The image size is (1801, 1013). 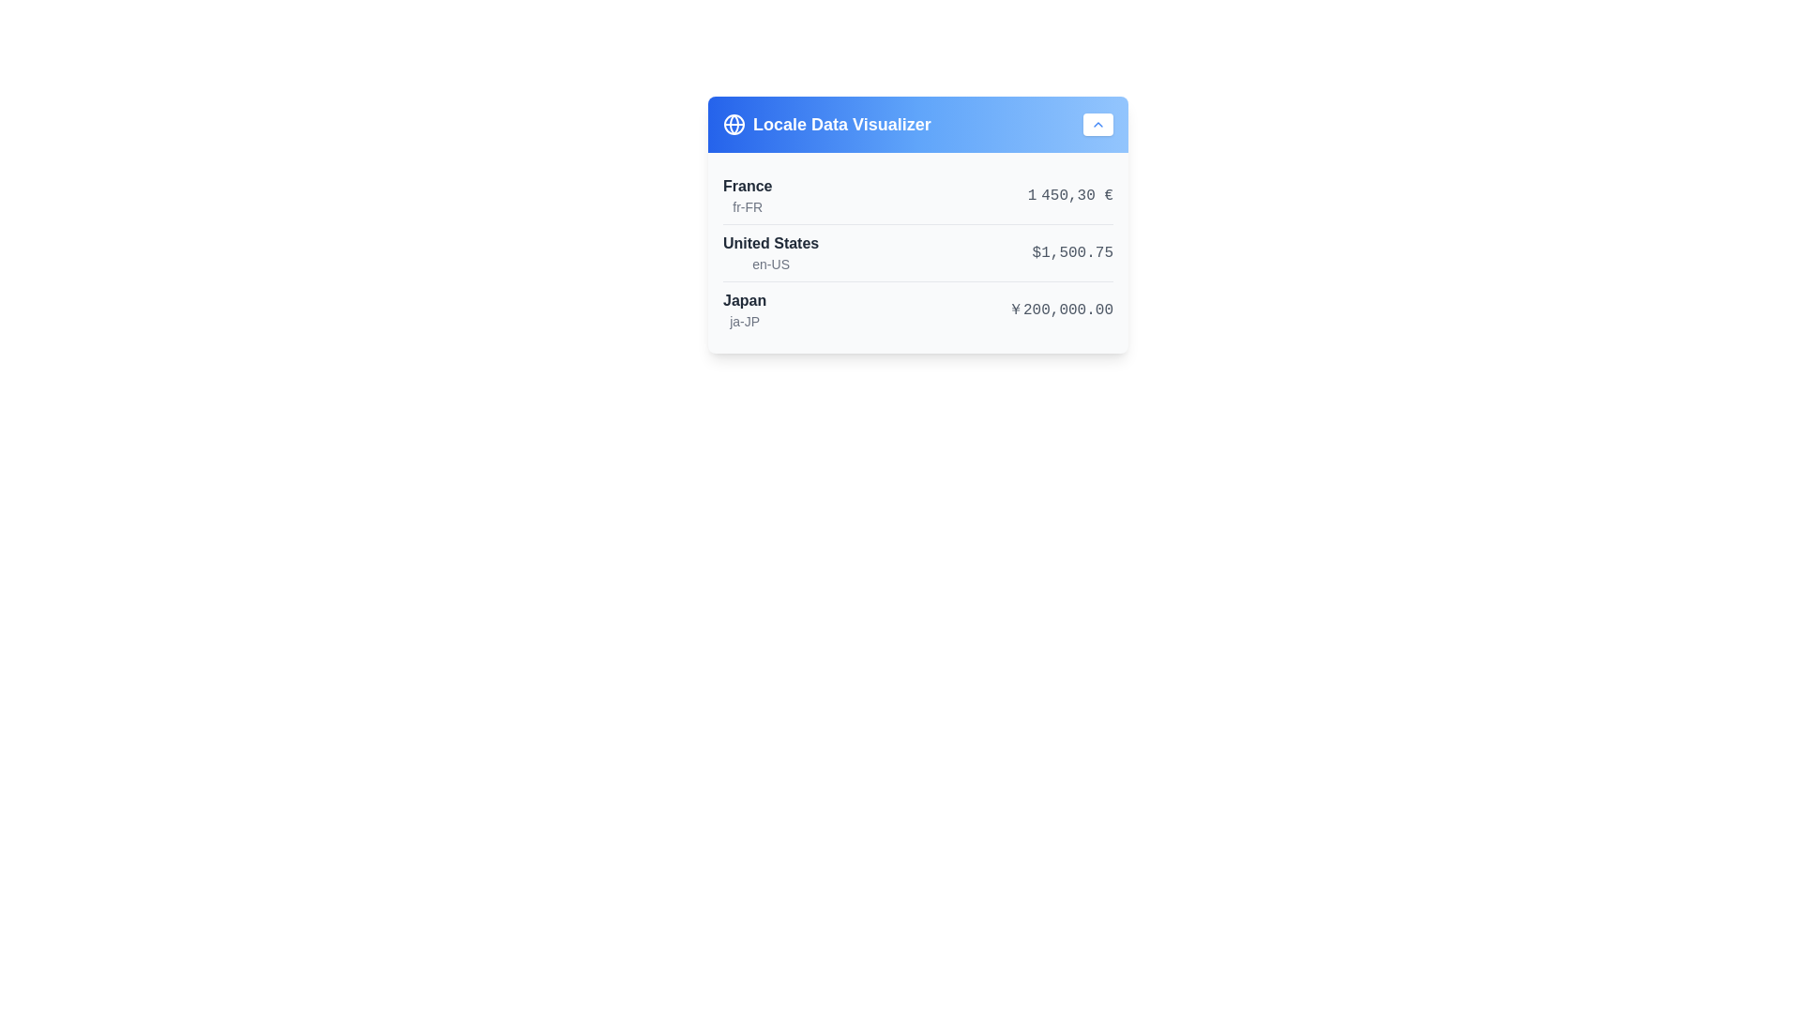 I want to click on text label displaying 'ja-JP' located below the 'Japan' label in the Locale Data Visualizer interface, so click(x=744, y=321).